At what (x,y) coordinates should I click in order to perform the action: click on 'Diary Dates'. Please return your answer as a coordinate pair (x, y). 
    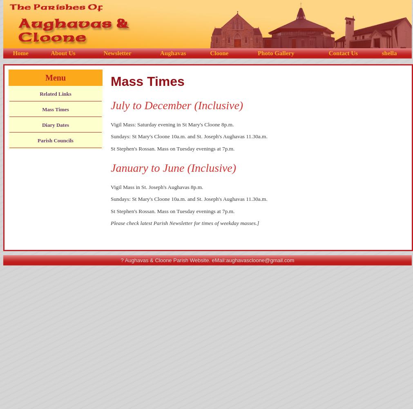
    Looking at the image, I should click on (55, 125).